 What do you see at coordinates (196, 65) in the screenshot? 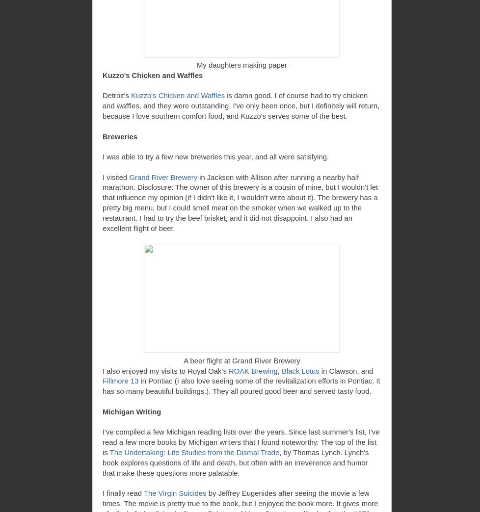
I see `'My daughters making paper'` at bounding box center [196, 65].